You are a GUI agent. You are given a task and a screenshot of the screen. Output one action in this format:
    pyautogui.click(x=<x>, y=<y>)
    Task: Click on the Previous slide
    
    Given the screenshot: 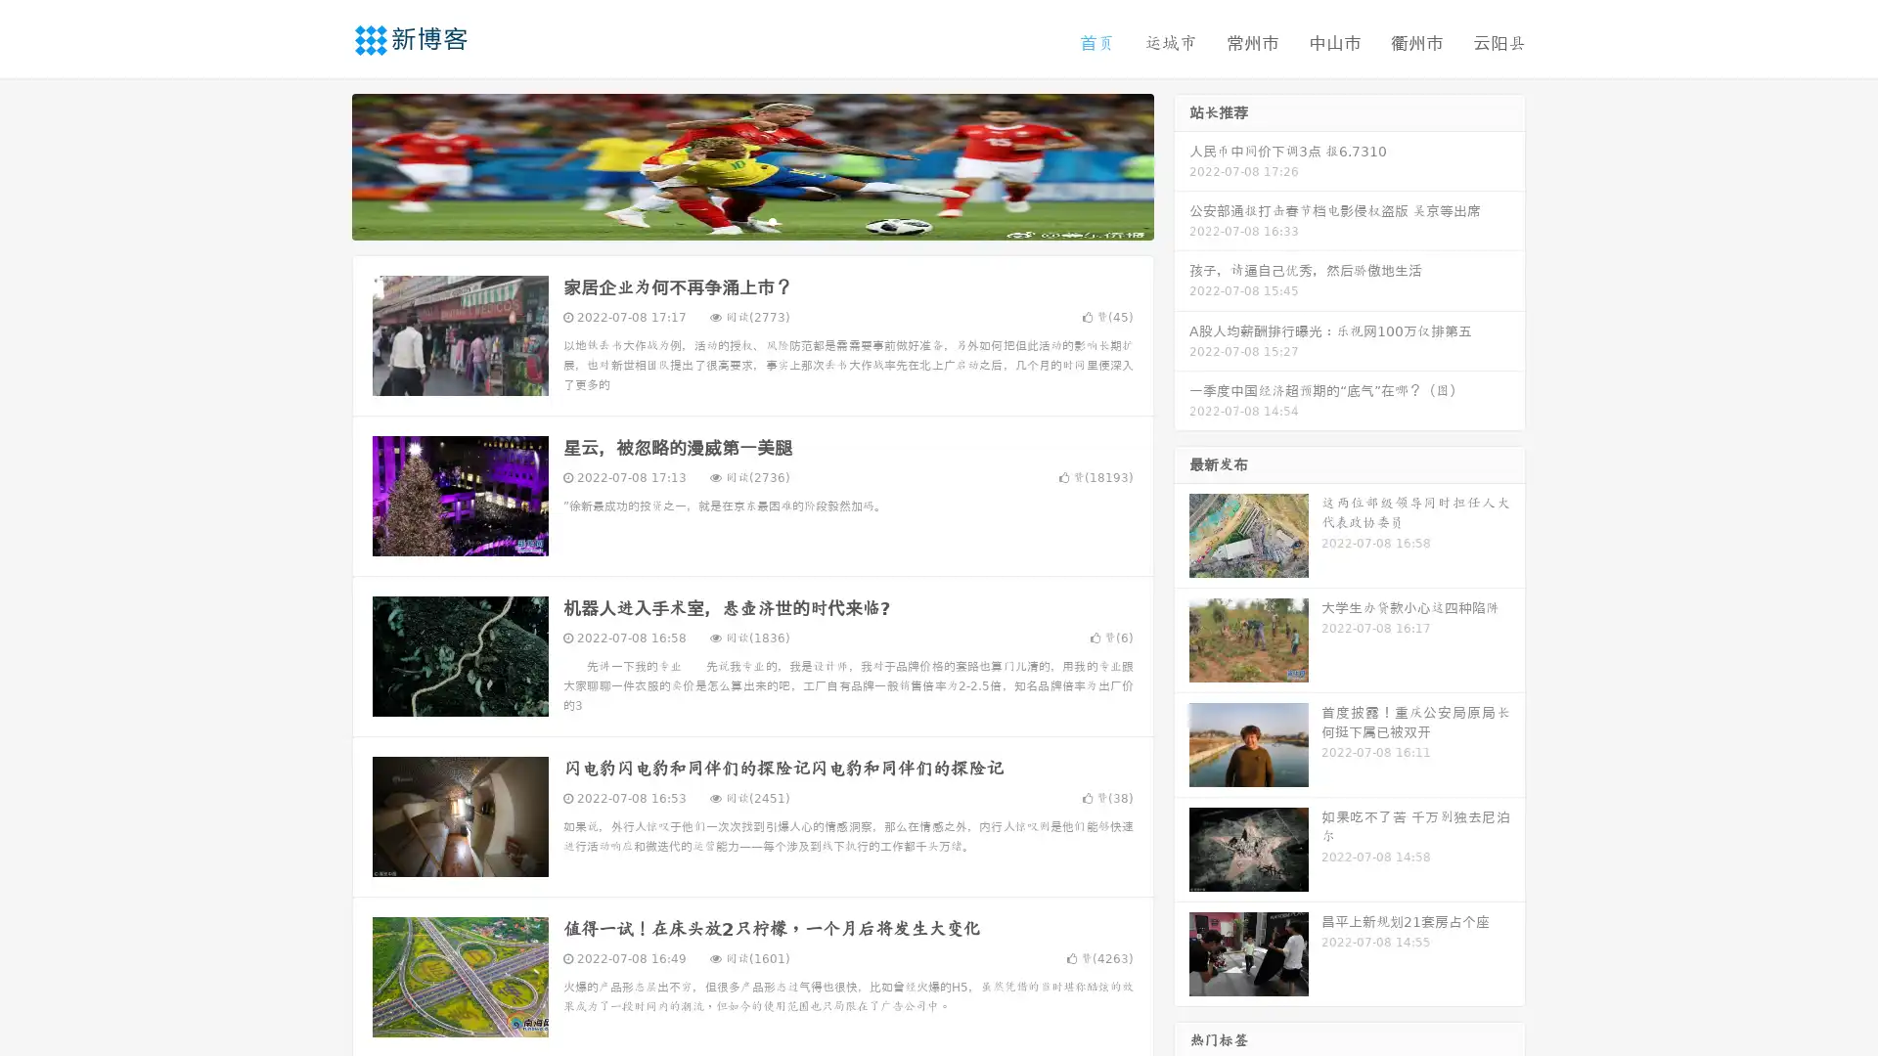 What is the action you would take?
    pyautogui.click(x=323, y=164)
    